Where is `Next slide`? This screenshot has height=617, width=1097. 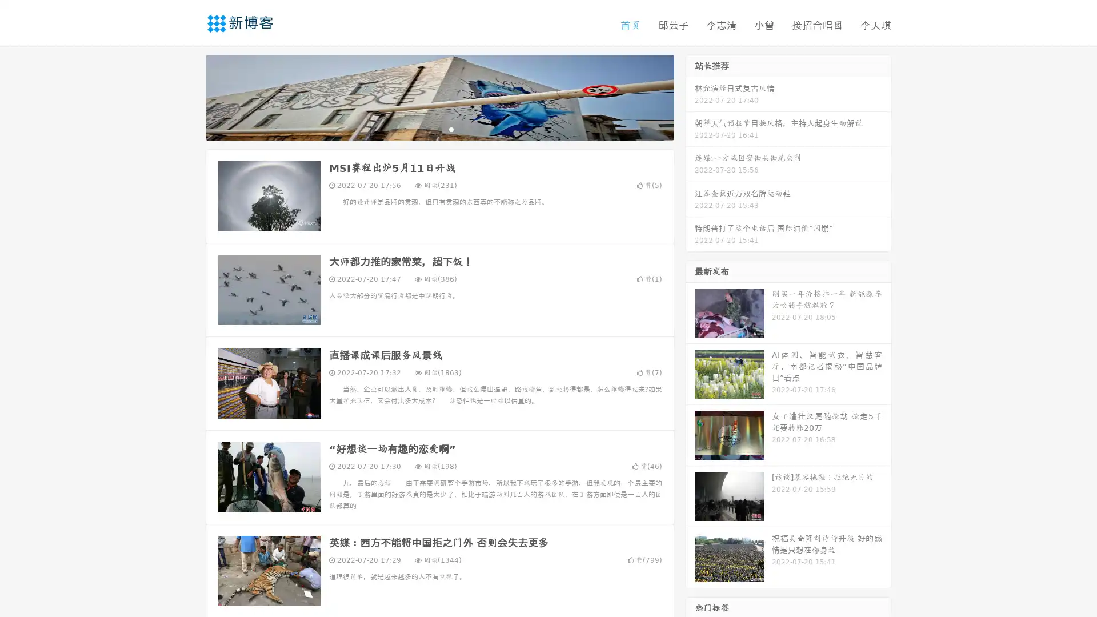 Next slide is located at coordinates (690, 96).